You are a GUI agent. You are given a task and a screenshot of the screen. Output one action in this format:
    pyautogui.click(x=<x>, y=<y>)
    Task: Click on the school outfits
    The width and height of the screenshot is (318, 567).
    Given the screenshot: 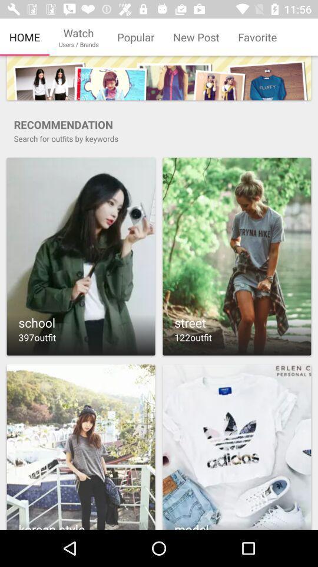 What is the action you would take?
    pyautogui.click(x=80, y=256)
    